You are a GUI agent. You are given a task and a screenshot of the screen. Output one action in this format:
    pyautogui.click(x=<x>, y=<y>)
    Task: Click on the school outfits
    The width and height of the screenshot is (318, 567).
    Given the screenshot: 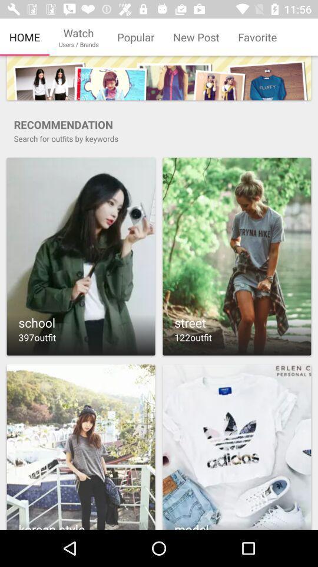 What is the action you would take?
    pyautogui.click(x=80, y=256)
    